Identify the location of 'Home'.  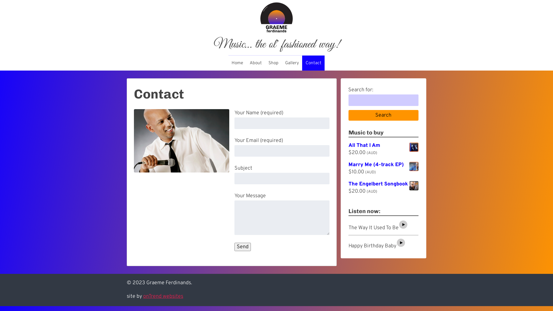
(237, 63).